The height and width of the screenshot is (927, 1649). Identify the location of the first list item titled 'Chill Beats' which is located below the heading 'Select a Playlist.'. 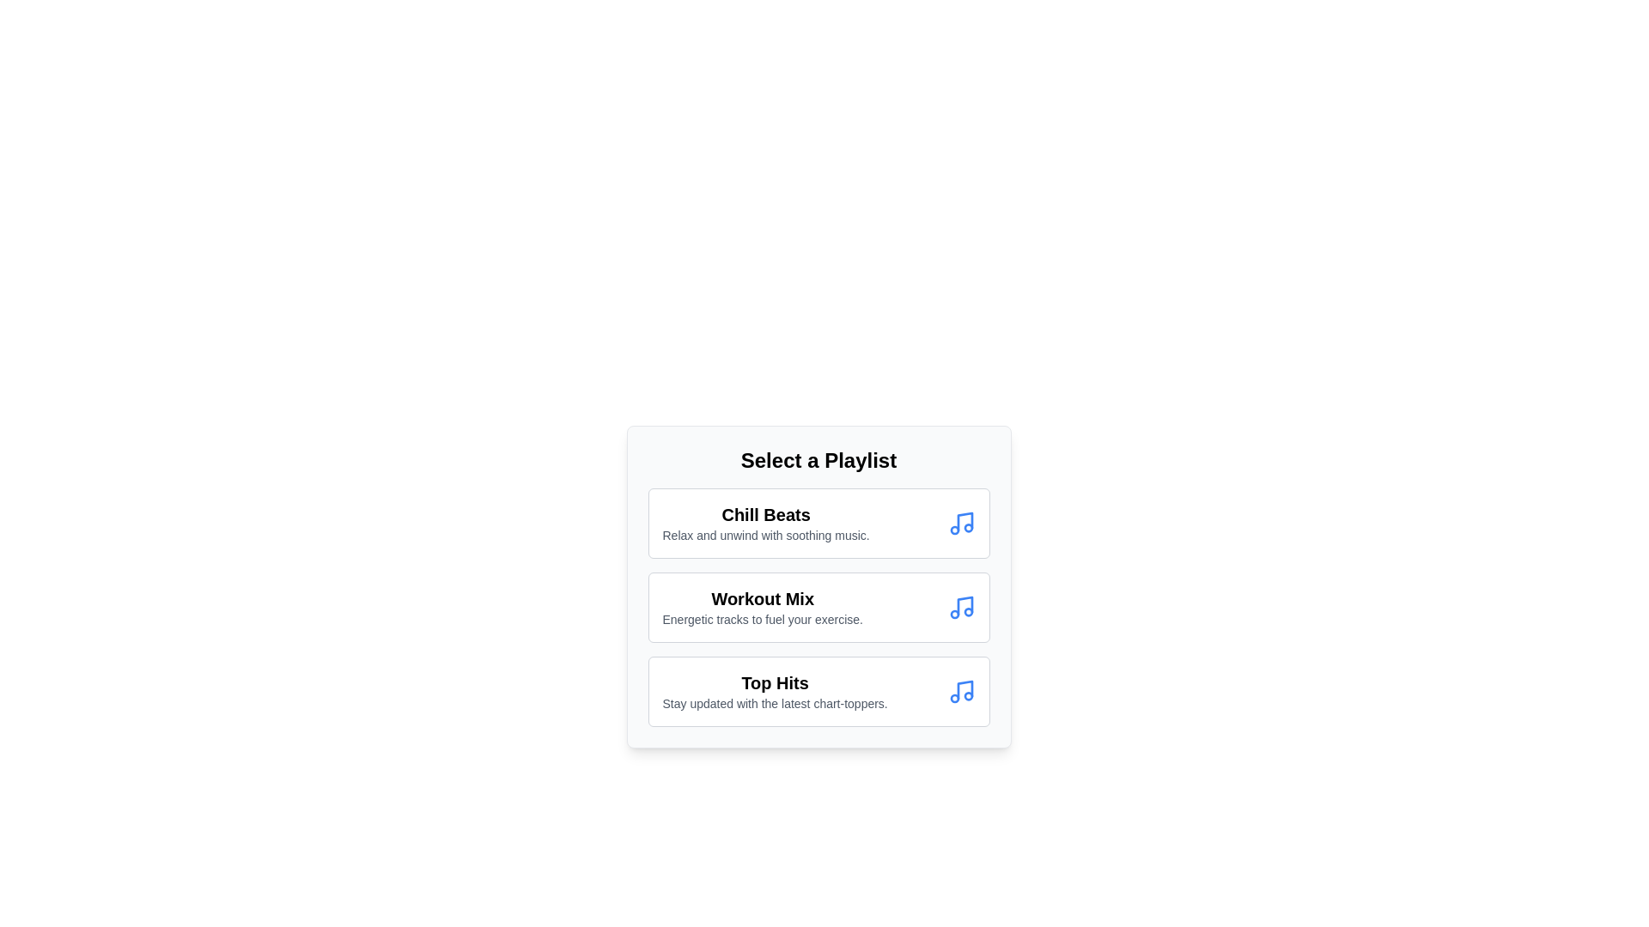
(765, 522).